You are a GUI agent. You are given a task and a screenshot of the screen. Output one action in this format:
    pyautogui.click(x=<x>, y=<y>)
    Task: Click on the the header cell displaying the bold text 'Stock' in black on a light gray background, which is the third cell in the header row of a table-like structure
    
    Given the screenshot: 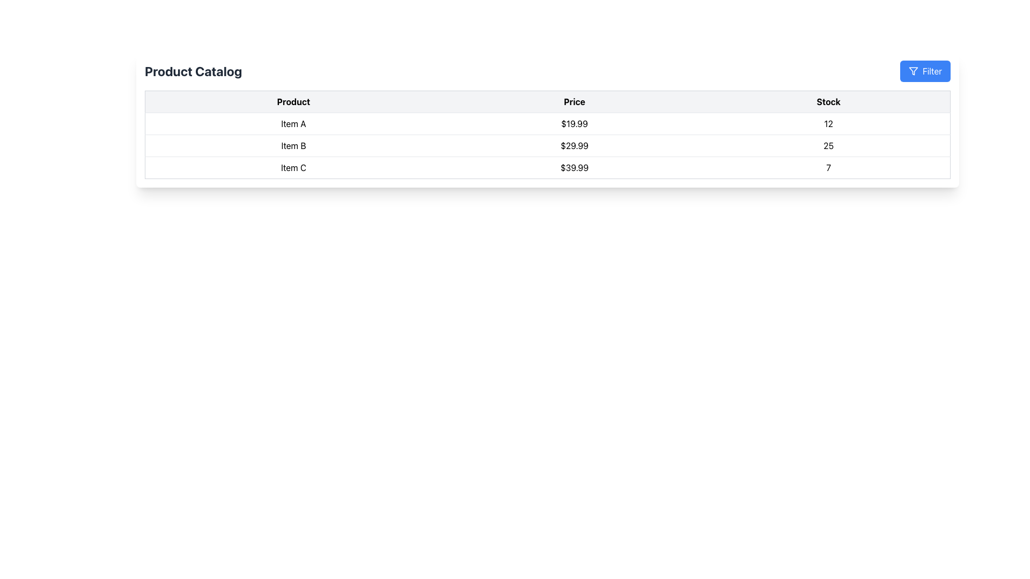 What is the action you would take?
    pyautogui.click(x=828, y=101)
    